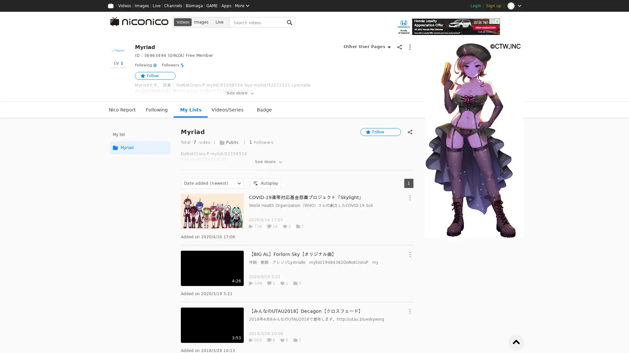 This screenshot has height=353, width=629. What do you see at coordinates (380, 132) in the screenshot?
I see `Follow` at bounding box center [380, 132].